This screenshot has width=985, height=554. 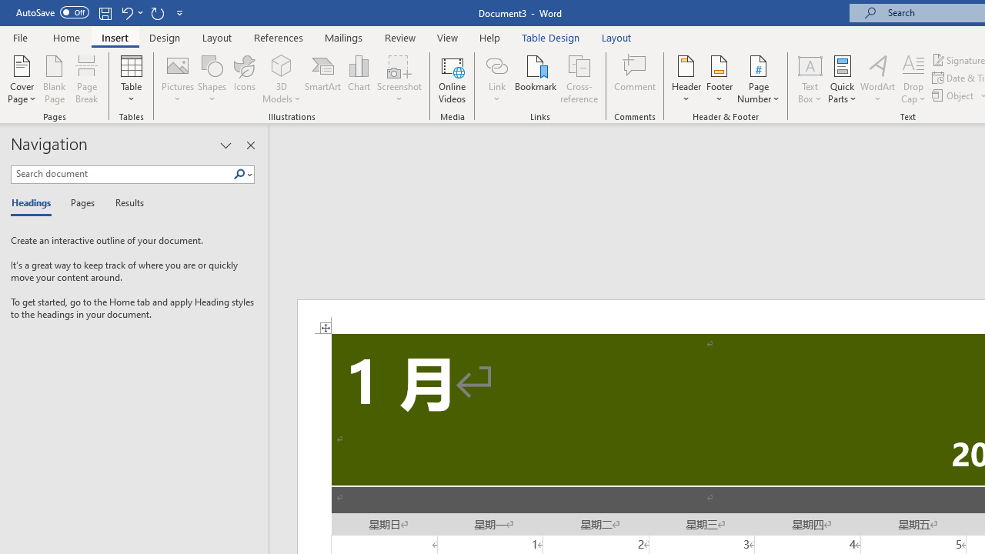 I want to click on 'Text Box', so click(x=809, y=79).